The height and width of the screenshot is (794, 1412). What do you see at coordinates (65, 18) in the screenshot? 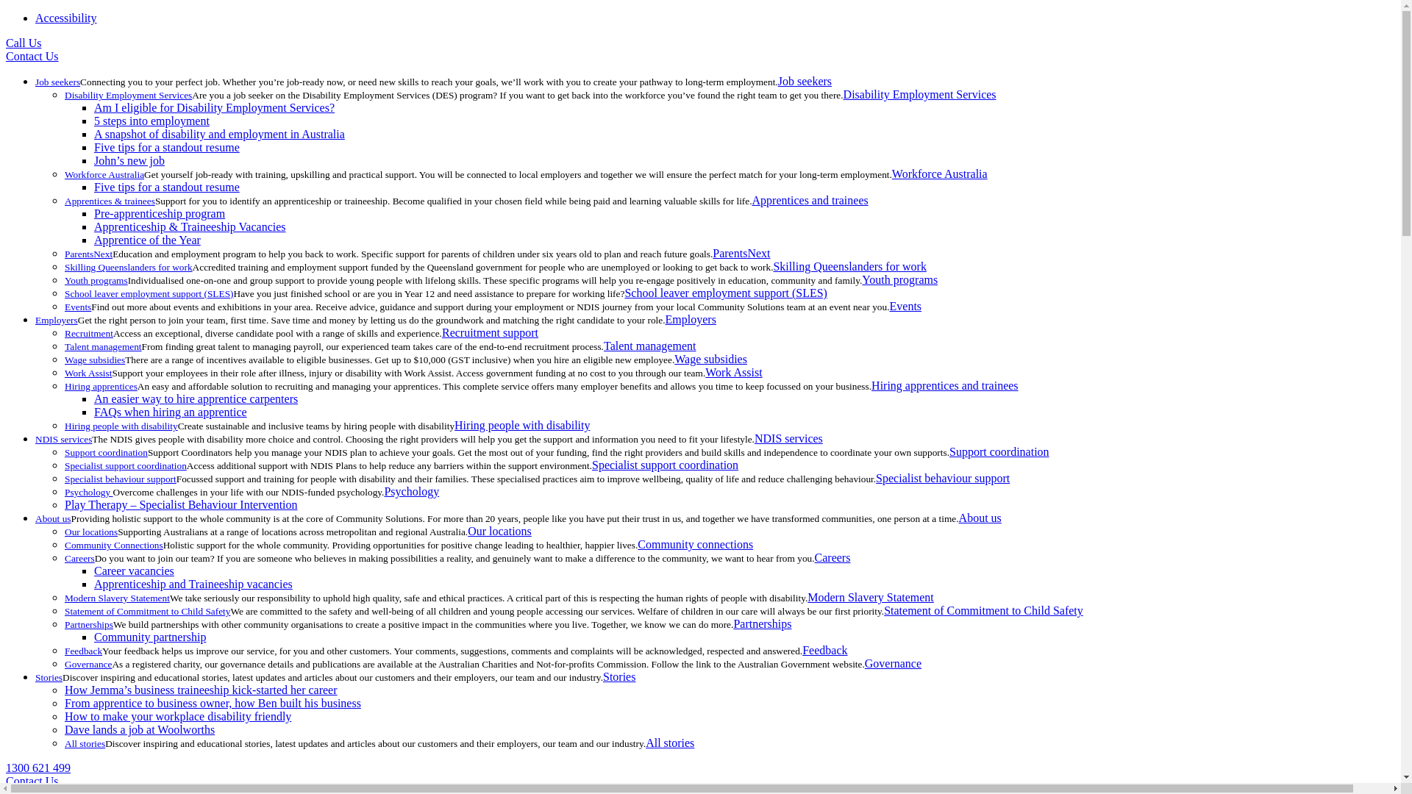
I see `'Accessibility'` at bounding box center [65, 18].